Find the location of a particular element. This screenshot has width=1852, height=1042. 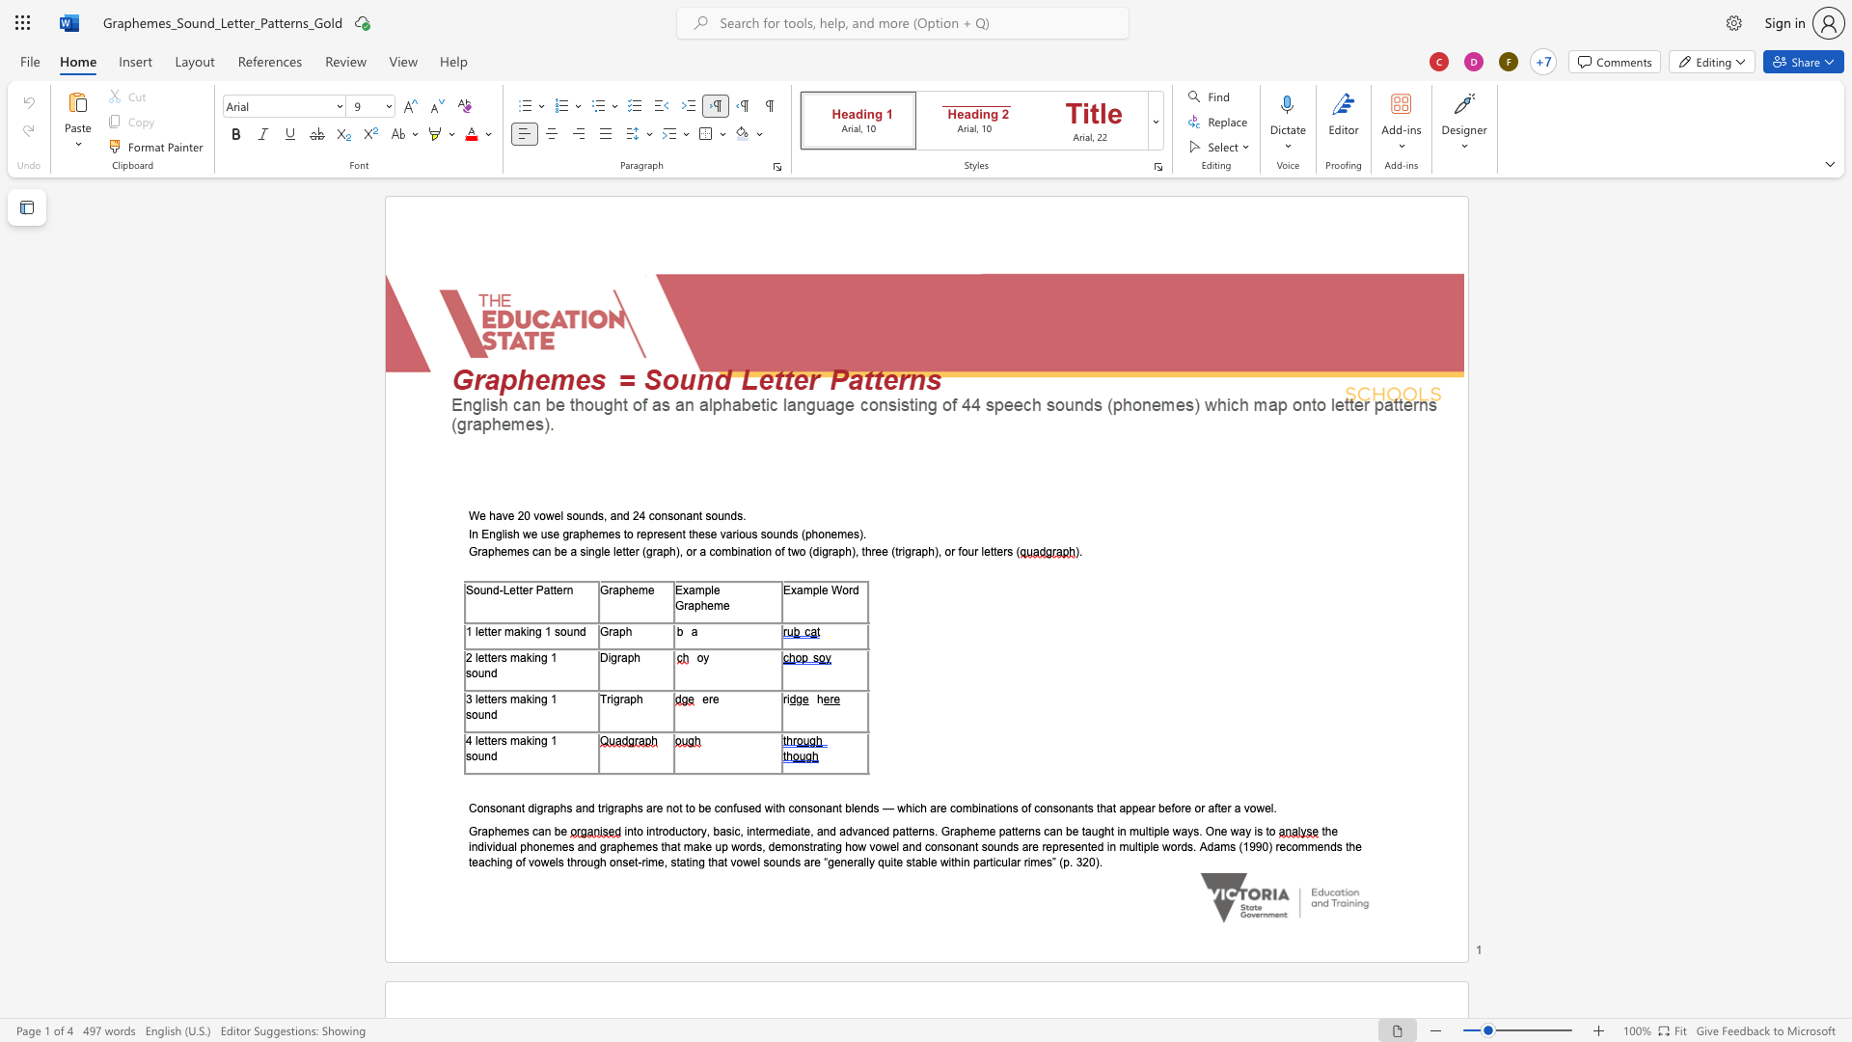

the space between the continuous character "l" and "i" in the text is located at coordinates (504, 534).